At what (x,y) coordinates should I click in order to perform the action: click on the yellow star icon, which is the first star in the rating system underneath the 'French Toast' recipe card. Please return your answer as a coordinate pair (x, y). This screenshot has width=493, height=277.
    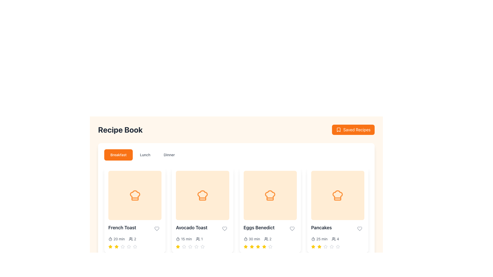
    Looking at the image, I should click on (116, 246).